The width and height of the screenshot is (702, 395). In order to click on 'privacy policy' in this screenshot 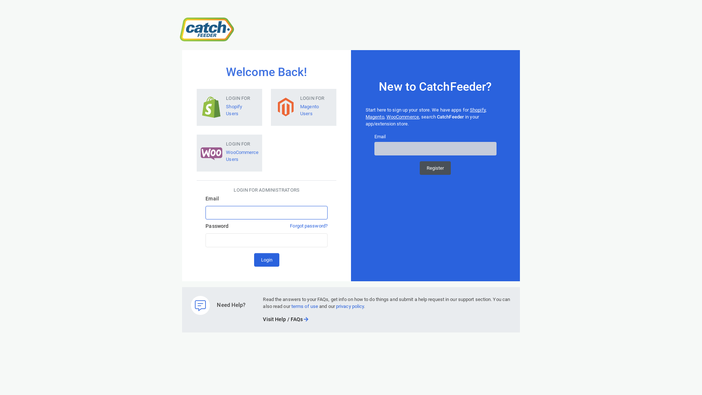, I will do `click(335, 306)`.